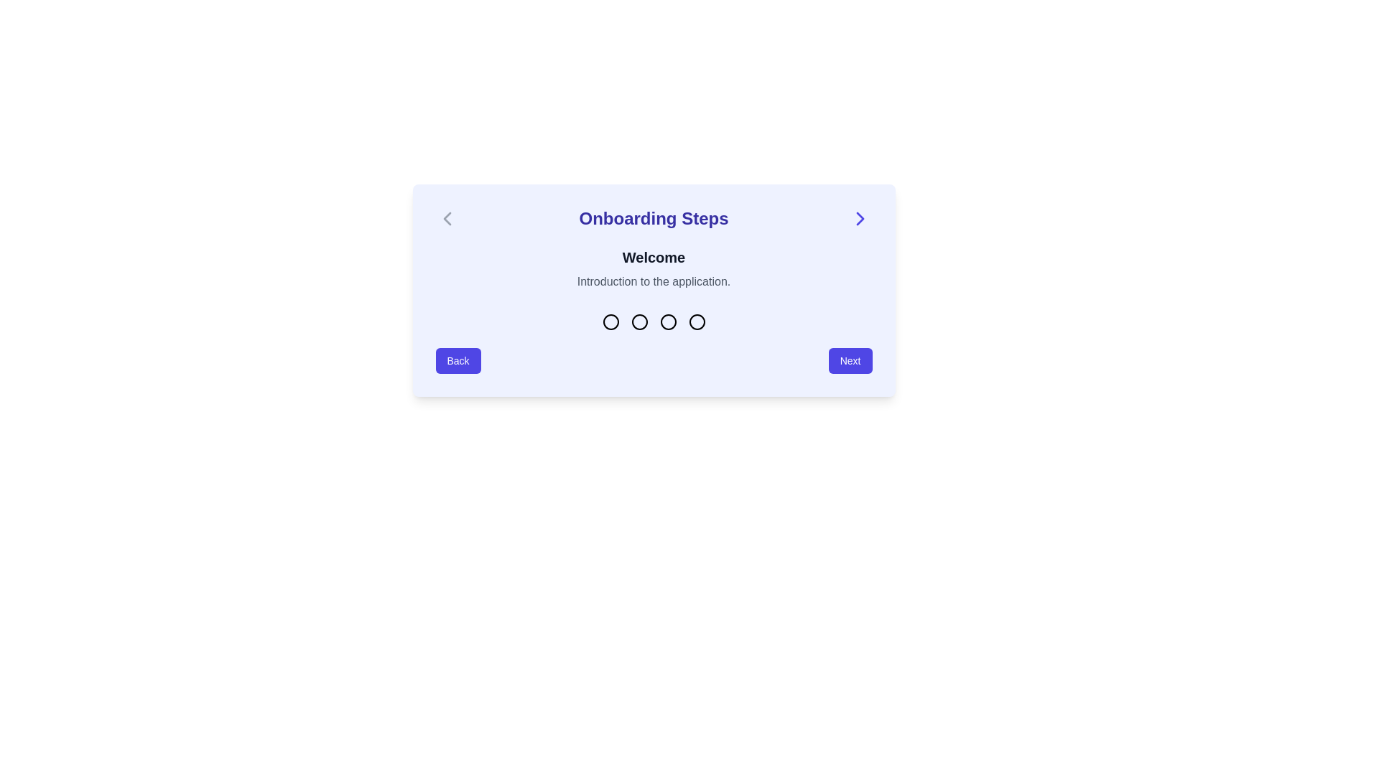  I want to click on the Chevron icon, which serves as a navigation control to move to the previous step in the onboarding process, so click(446, 218).